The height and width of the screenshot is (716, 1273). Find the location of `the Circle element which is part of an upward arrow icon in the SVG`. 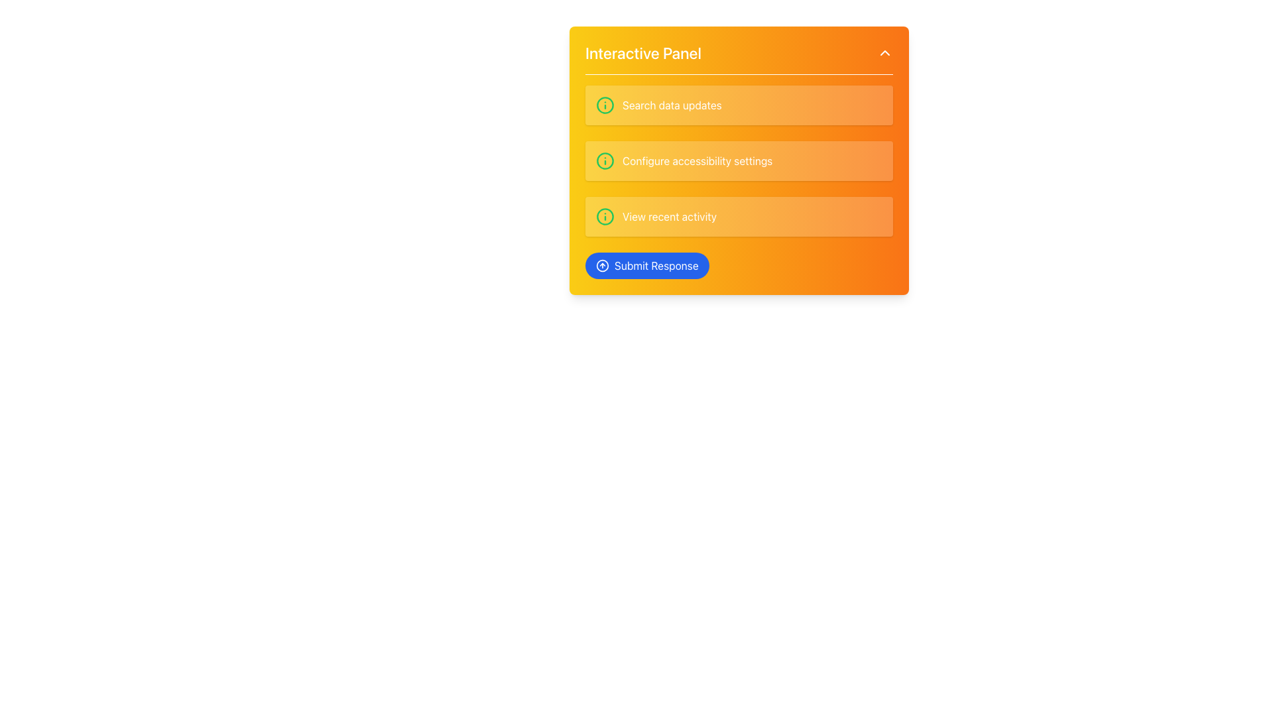

the Circle element which is part of an upward arrow icon in the SVG is located at coordinates (601, 266).